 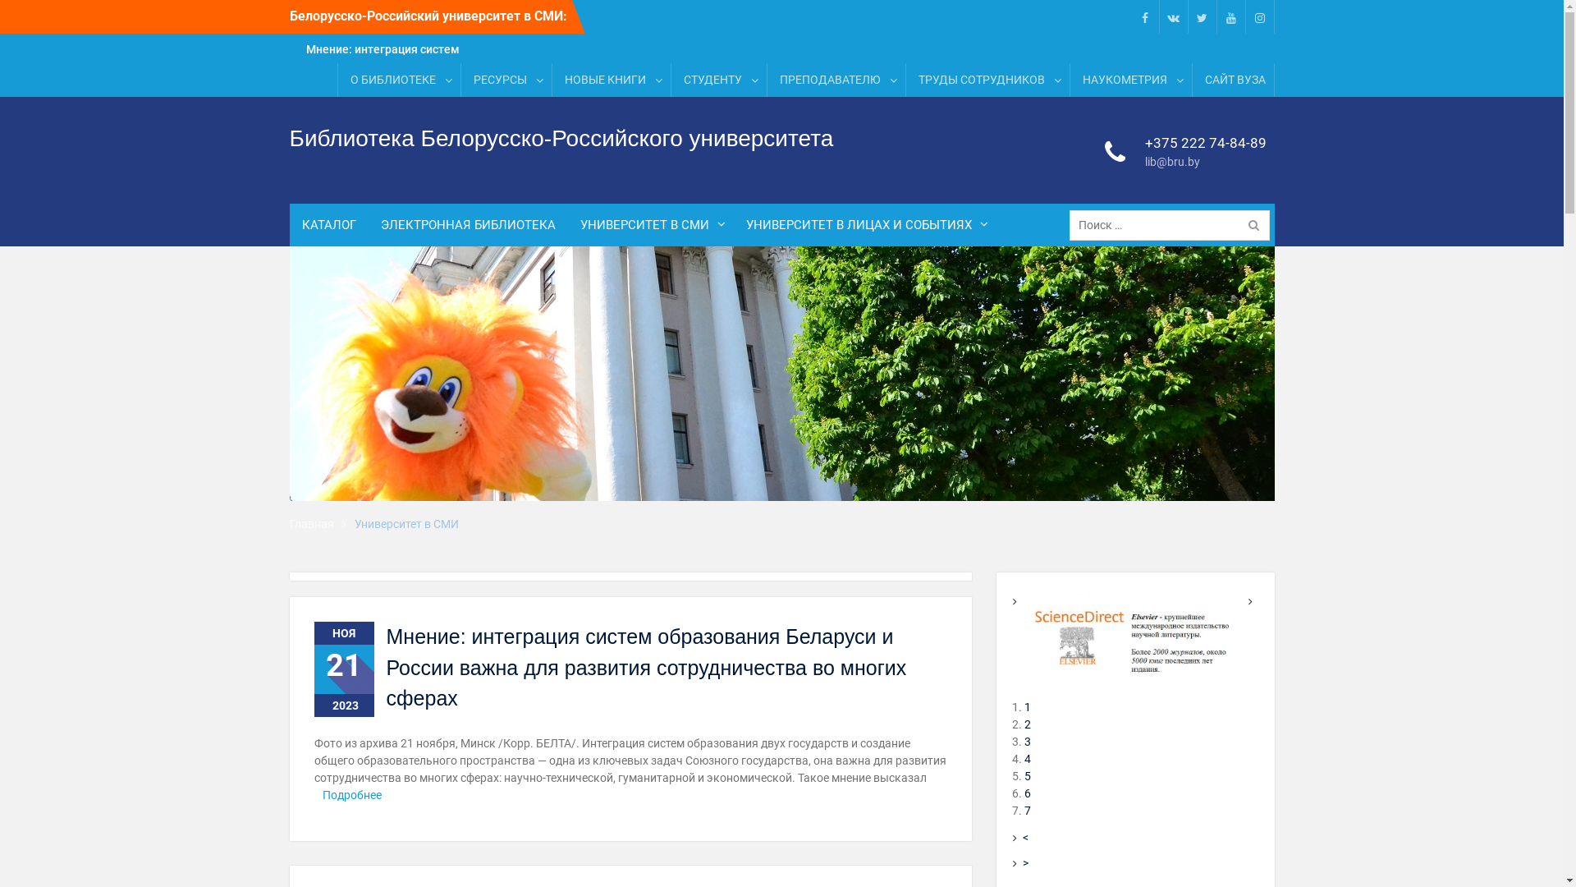 I want to click on 'lib@bru.by', so click(x=1140, y=162).